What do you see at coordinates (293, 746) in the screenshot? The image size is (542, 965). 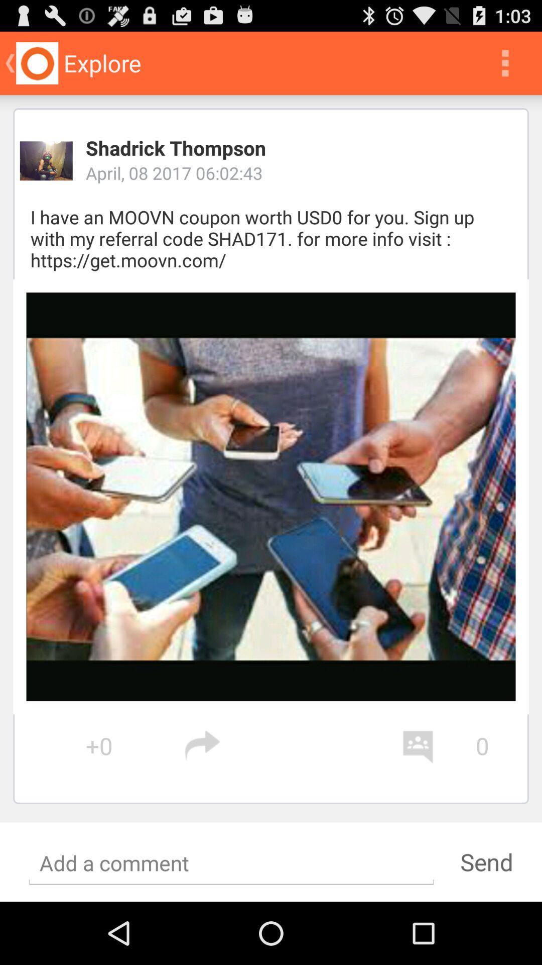 I see `item next to the +0` at bounding box center [293, 746].